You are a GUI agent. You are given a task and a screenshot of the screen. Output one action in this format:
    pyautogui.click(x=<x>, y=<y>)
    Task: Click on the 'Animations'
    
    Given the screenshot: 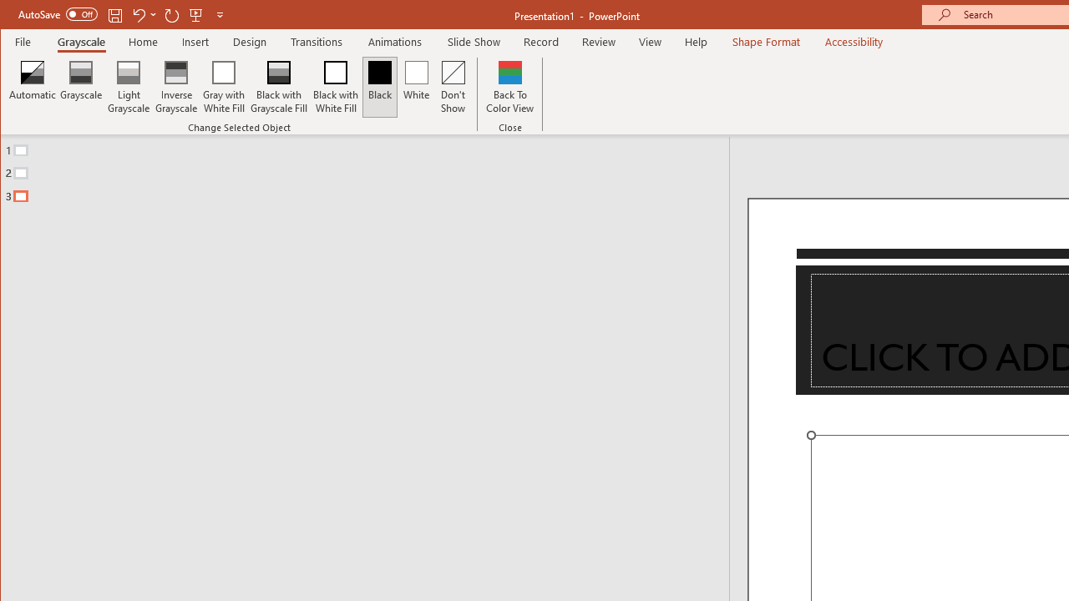 What is the action you would take?
    pyautogui.click(x=394, y=41)
    